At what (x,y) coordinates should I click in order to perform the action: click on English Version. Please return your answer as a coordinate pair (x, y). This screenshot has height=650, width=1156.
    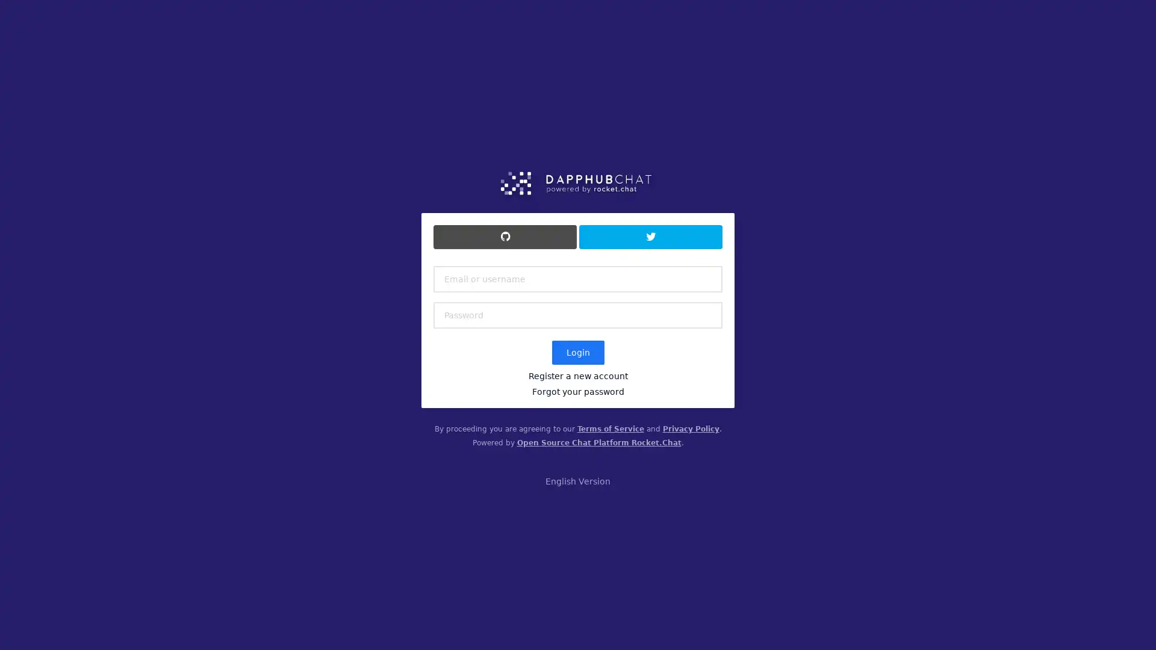
    Looking at the image, I should click on (578, 480).